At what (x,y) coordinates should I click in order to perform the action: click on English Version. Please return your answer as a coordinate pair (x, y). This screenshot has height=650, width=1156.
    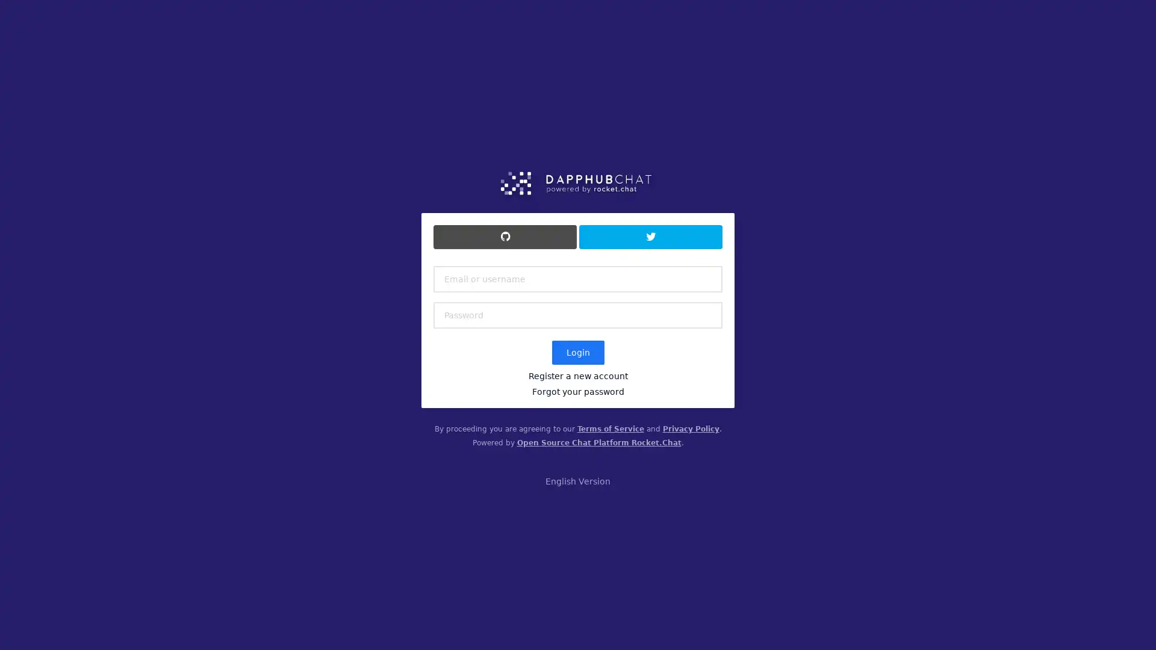
    Looking at the image, I should click on (578, 480).